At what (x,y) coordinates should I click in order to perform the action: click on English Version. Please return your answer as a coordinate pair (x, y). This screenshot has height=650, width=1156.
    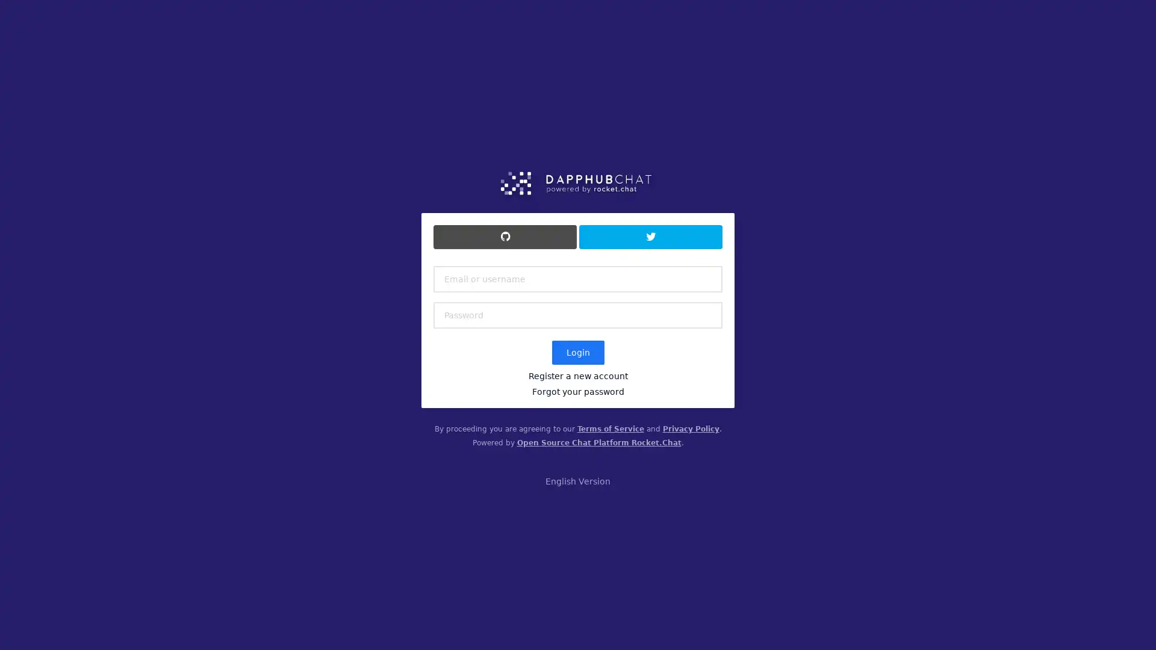
    Looking at the image, I should click on (578, 480).